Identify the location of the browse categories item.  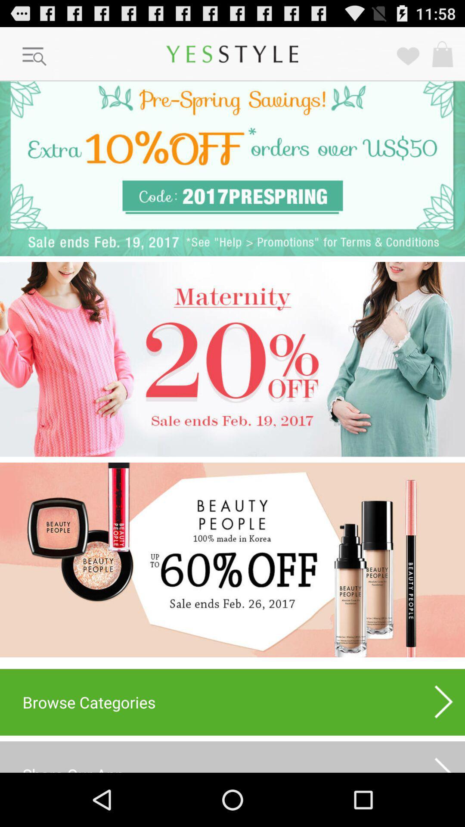
(232, 702).